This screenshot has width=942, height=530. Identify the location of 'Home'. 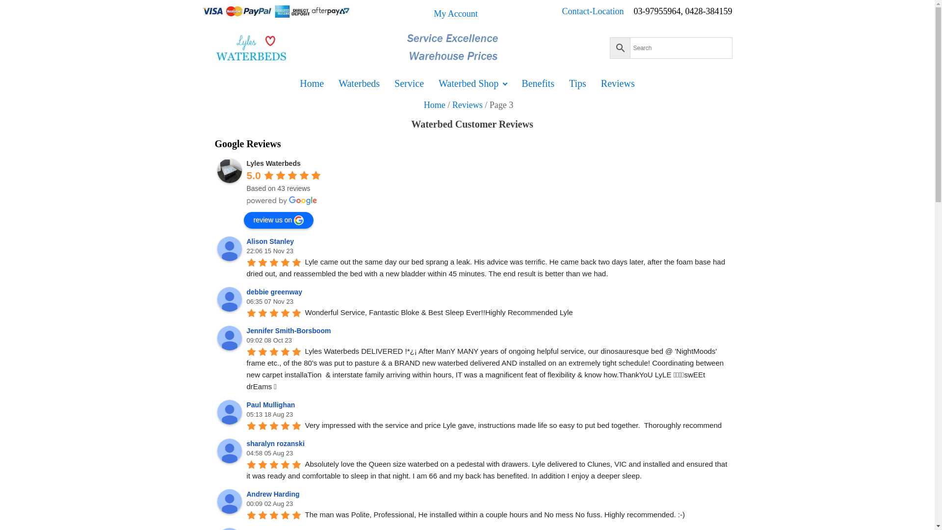
(434, 105).